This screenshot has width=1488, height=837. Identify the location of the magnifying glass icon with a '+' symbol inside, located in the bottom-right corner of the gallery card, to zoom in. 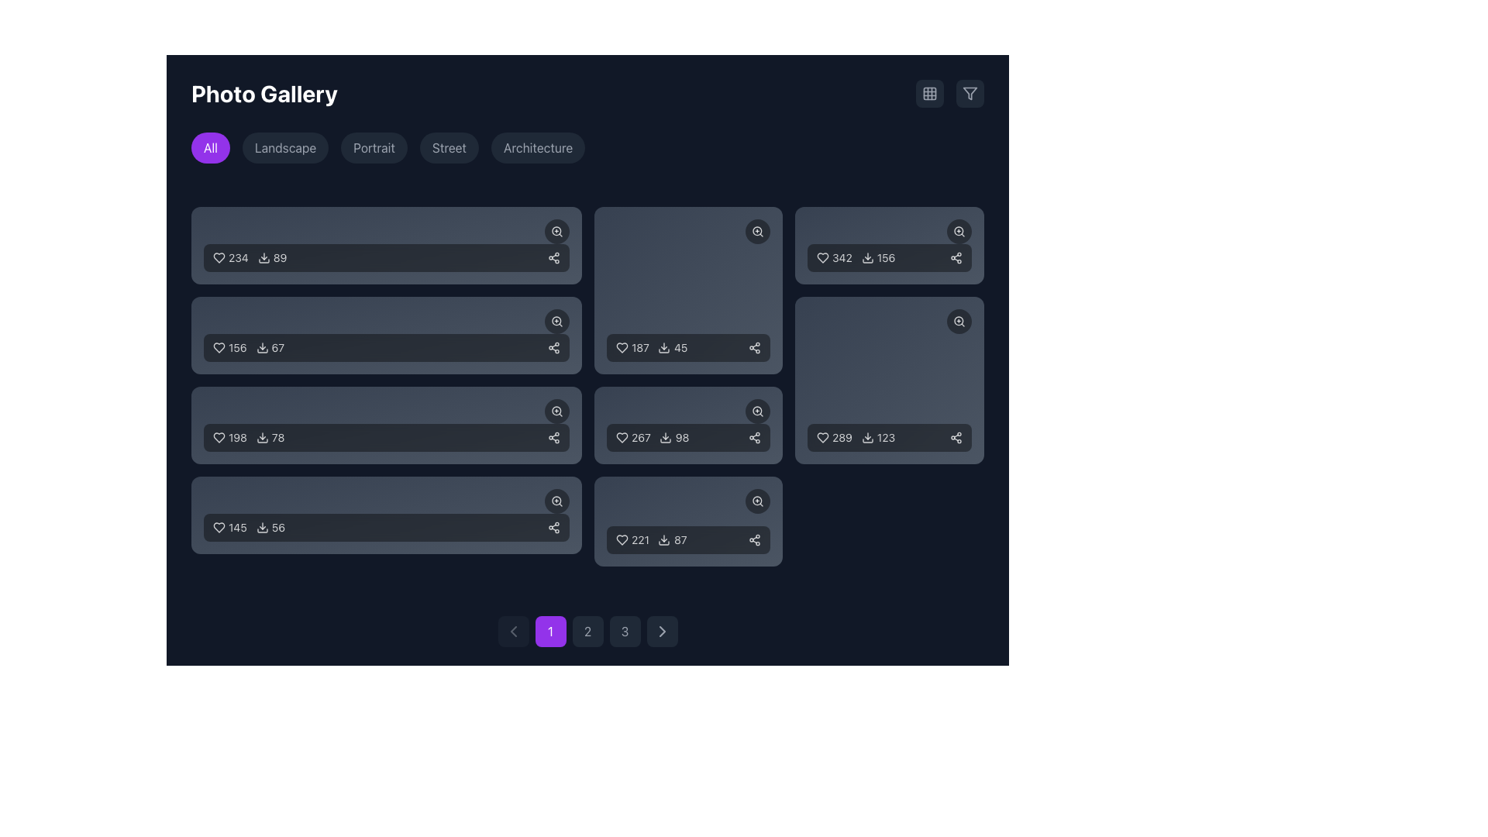
(758, 411).